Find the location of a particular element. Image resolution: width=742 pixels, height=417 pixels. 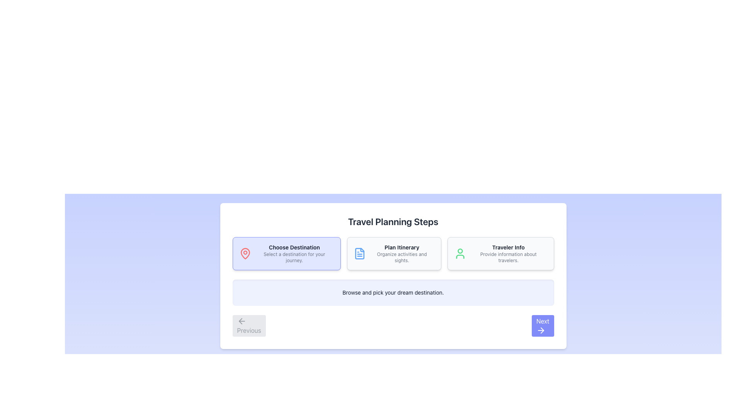

the blue-detailed document icon within the 'Plan Itinerary' card, which is the leftmost icon in a set of three is located at coordinates (359, 253).